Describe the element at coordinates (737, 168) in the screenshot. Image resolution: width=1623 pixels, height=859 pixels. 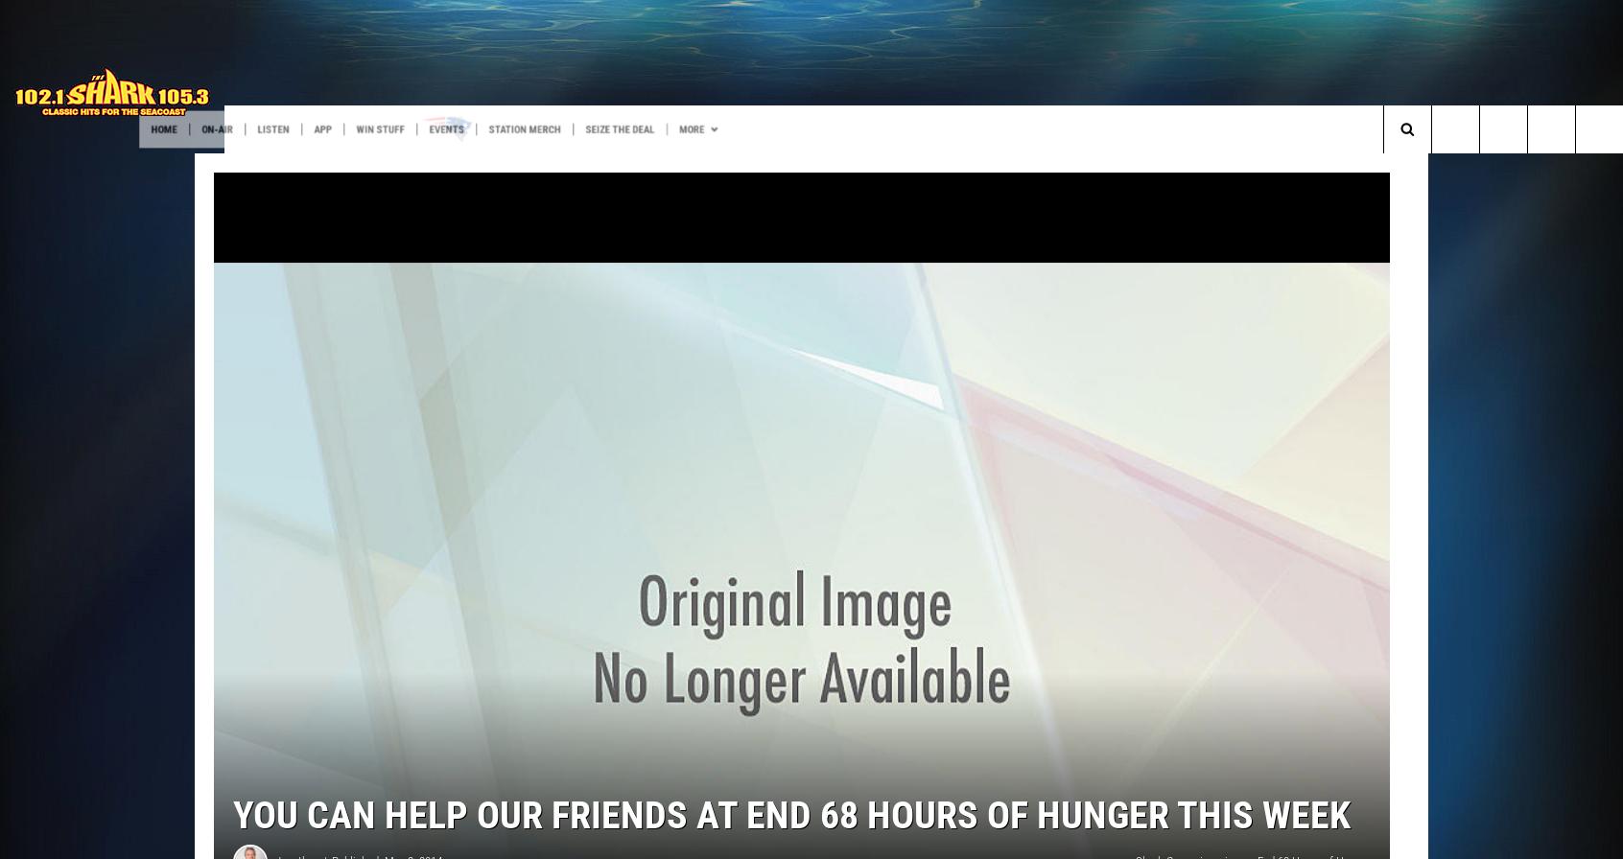
I see `'Shark Newsletter'` at that location.